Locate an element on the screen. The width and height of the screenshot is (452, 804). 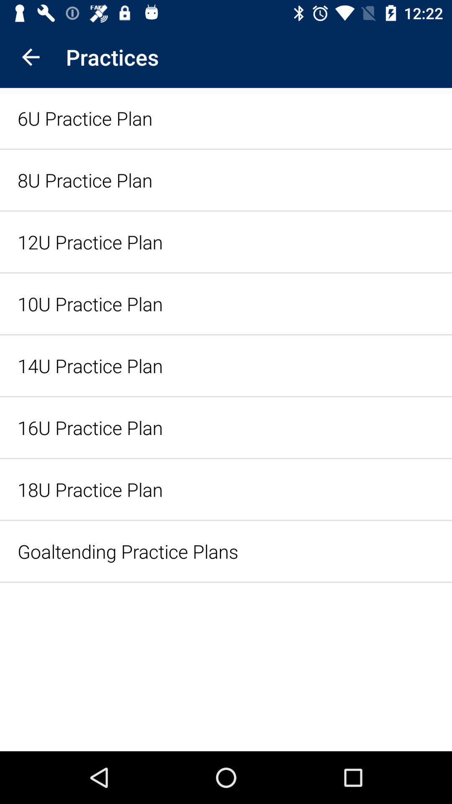
the goaltending practice plans item is located at coordinates (226, 551).